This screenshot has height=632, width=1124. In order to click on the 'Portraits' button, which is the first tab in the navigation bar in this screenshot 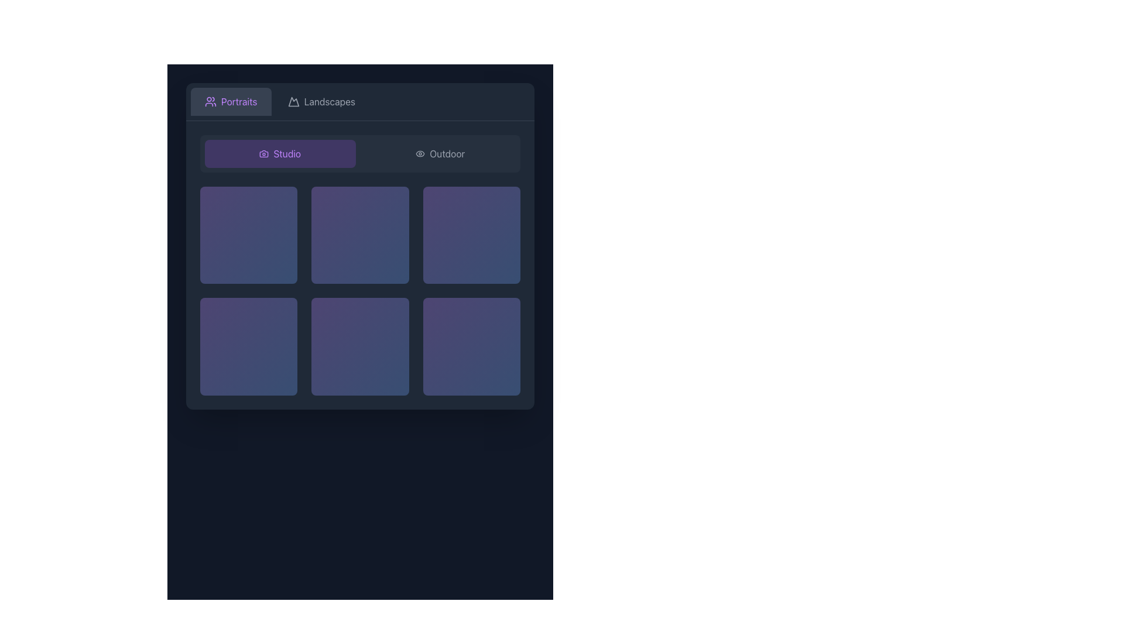, I will do `click(231, 101)`.